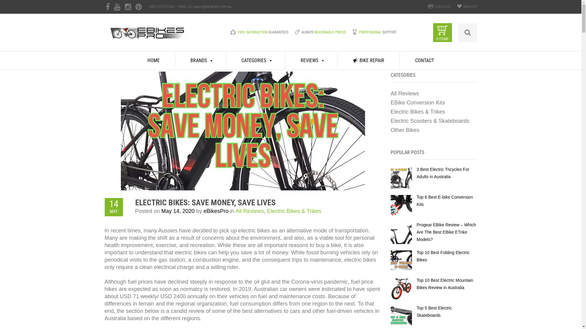  I want to click on 'CHECKOUT', so click(434, 7).